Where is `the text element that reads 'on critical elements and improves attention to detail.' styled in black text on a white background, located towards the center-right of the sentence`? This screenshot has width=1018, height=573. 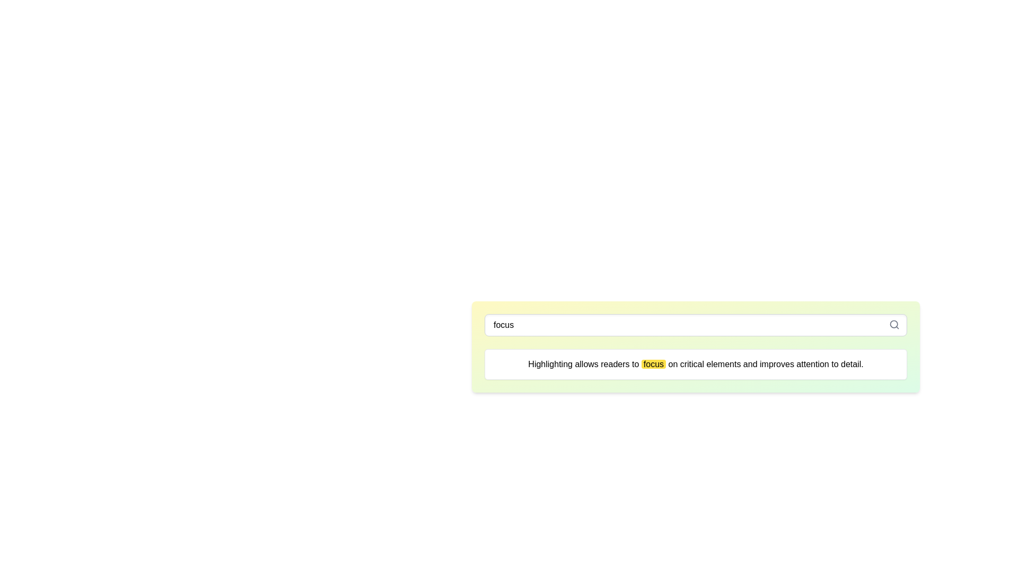
the text element that reads 'on critical elements and improves attention to detail.' styled in black text on a white background, located towards the center-right of the sentence is located at coordinates (765, 363).